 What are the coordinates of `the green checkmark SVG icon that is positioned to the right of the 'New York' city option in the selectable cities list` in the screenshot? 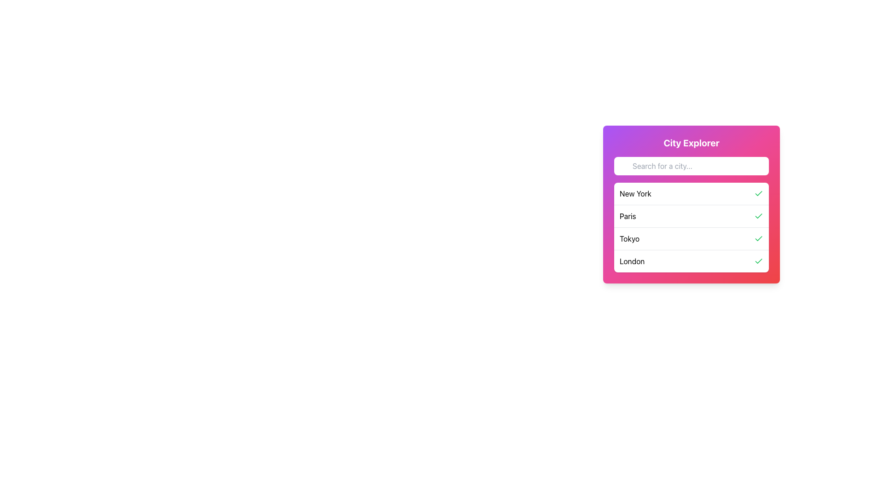 It's located at (758, 216).